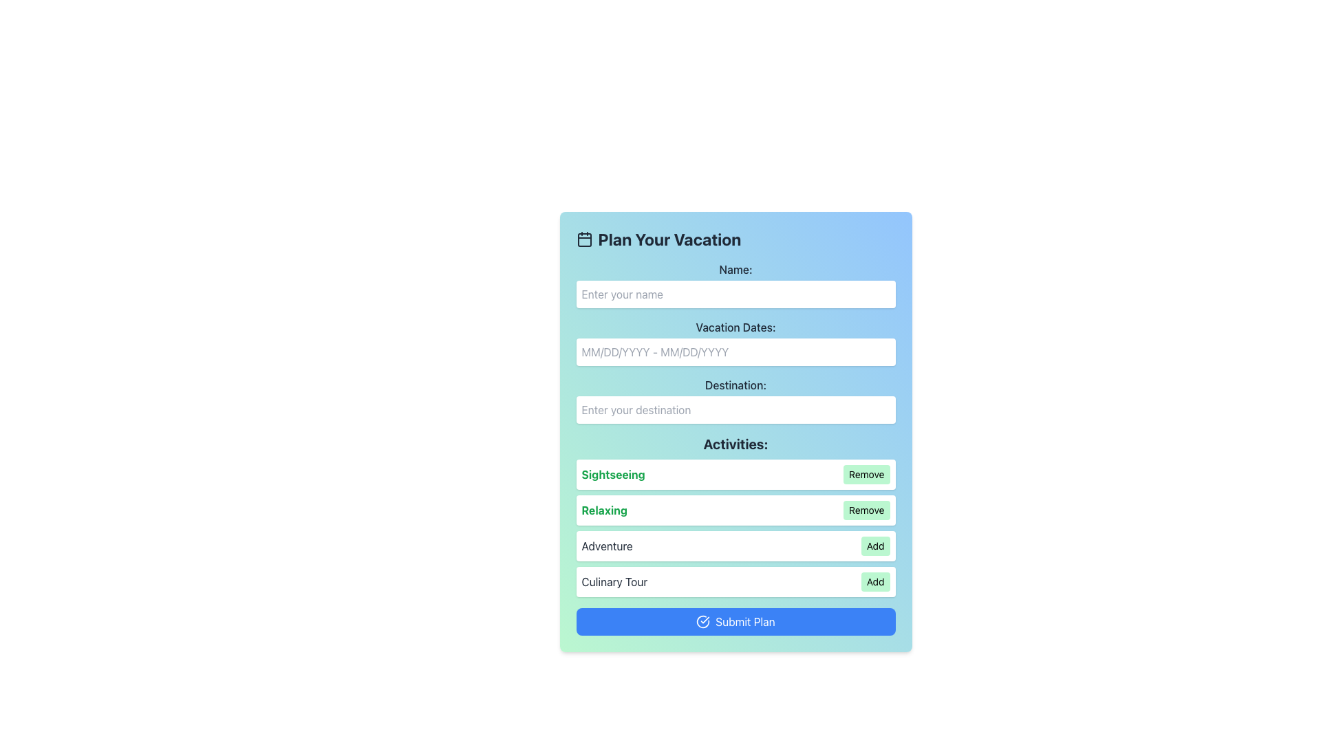 The height and width of the screenshot is (743, 1321). What do you see at coordinates (735, 621) in the screenshot?
I see `the 'Submit Plan' button with a blue background and white text for accessibility` at bounding box center [735, 621].